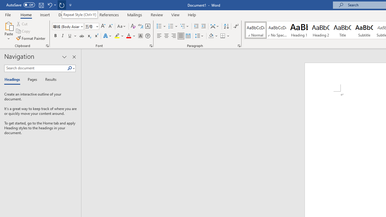  Describe the element at coordinates (74, 57) in the screenshot. I see `'Close pane'` at that location.